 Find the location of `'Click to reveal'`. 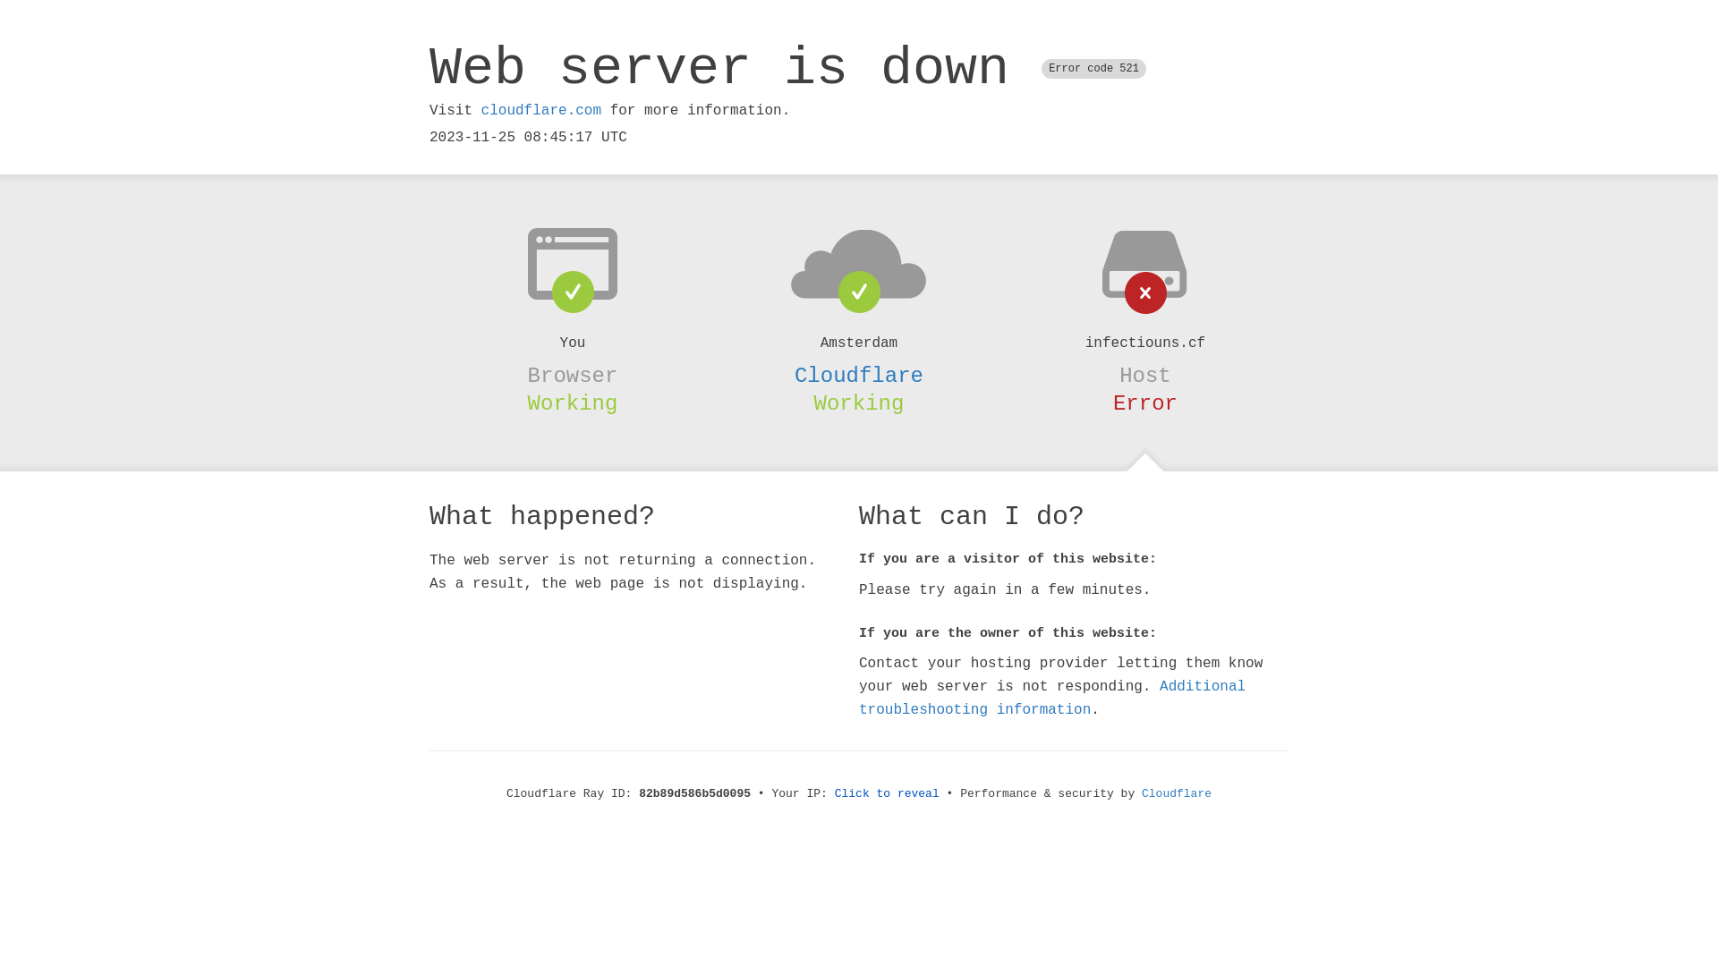

'Click to reveal' is located at coordinates (887, 792).